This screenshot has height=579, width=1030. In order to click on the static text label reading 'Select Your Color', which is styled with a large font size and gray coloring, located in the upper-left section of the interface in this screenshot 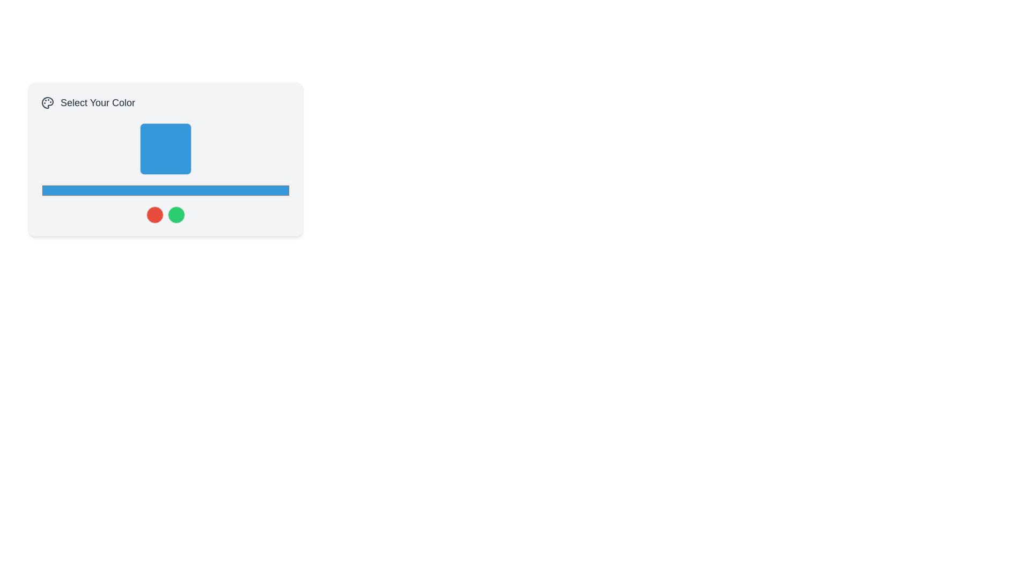, I will do `click(98, 103)`.